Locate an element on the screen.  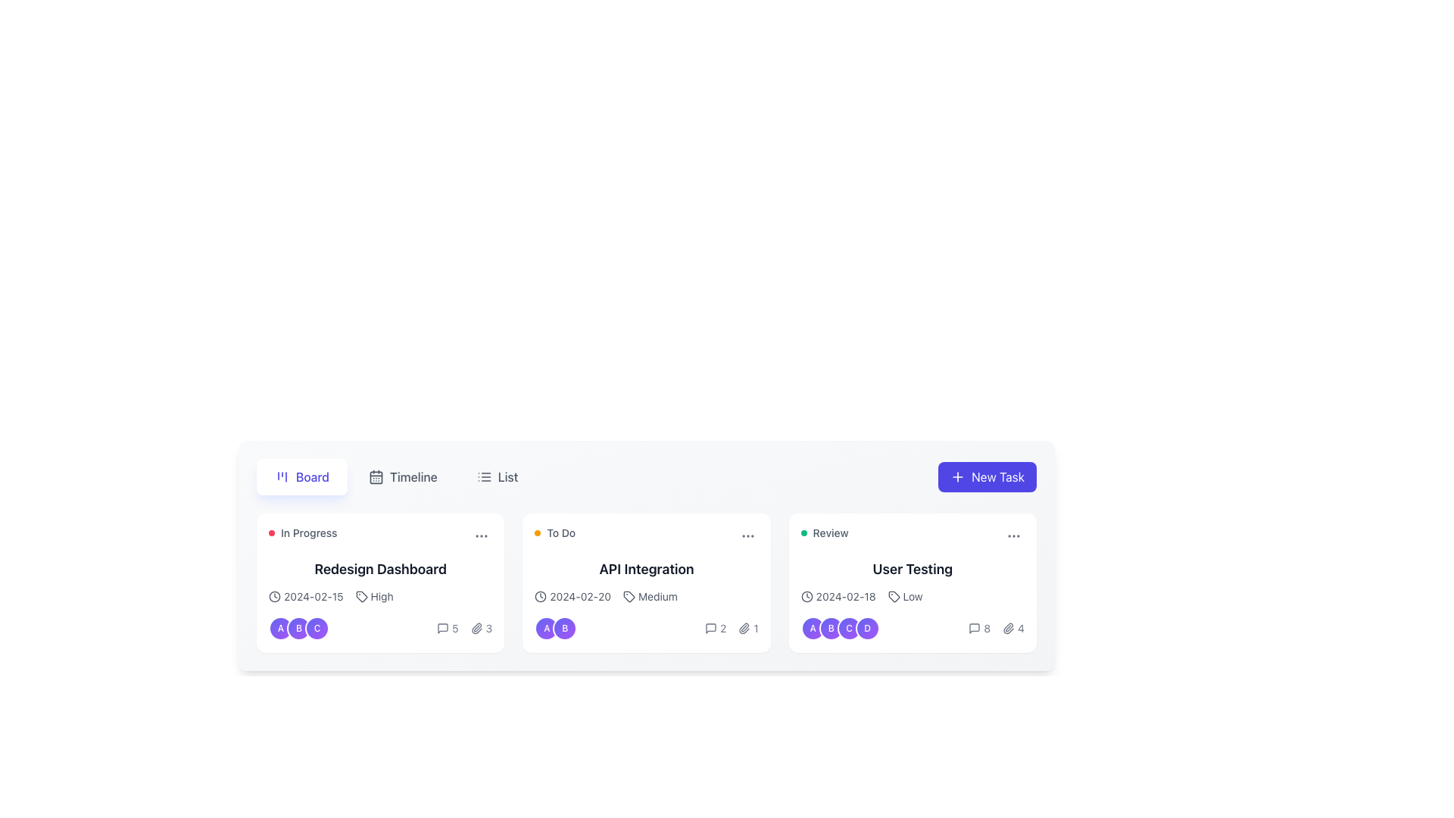
the circular avatar label with a gradient background featuring the letter 'D' in white, which is the fourth element in a horizontal arrangement of similar icons is located at coordinates (867, 628).